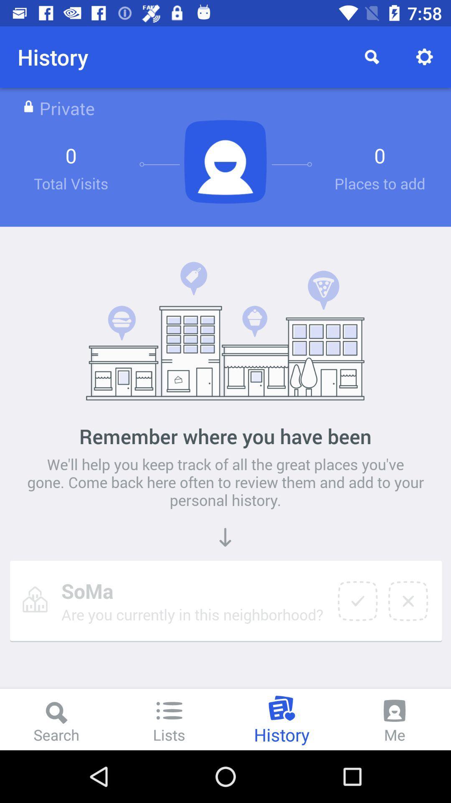  I want to click on the icon to the right of the are you currently, so click(357, 601).